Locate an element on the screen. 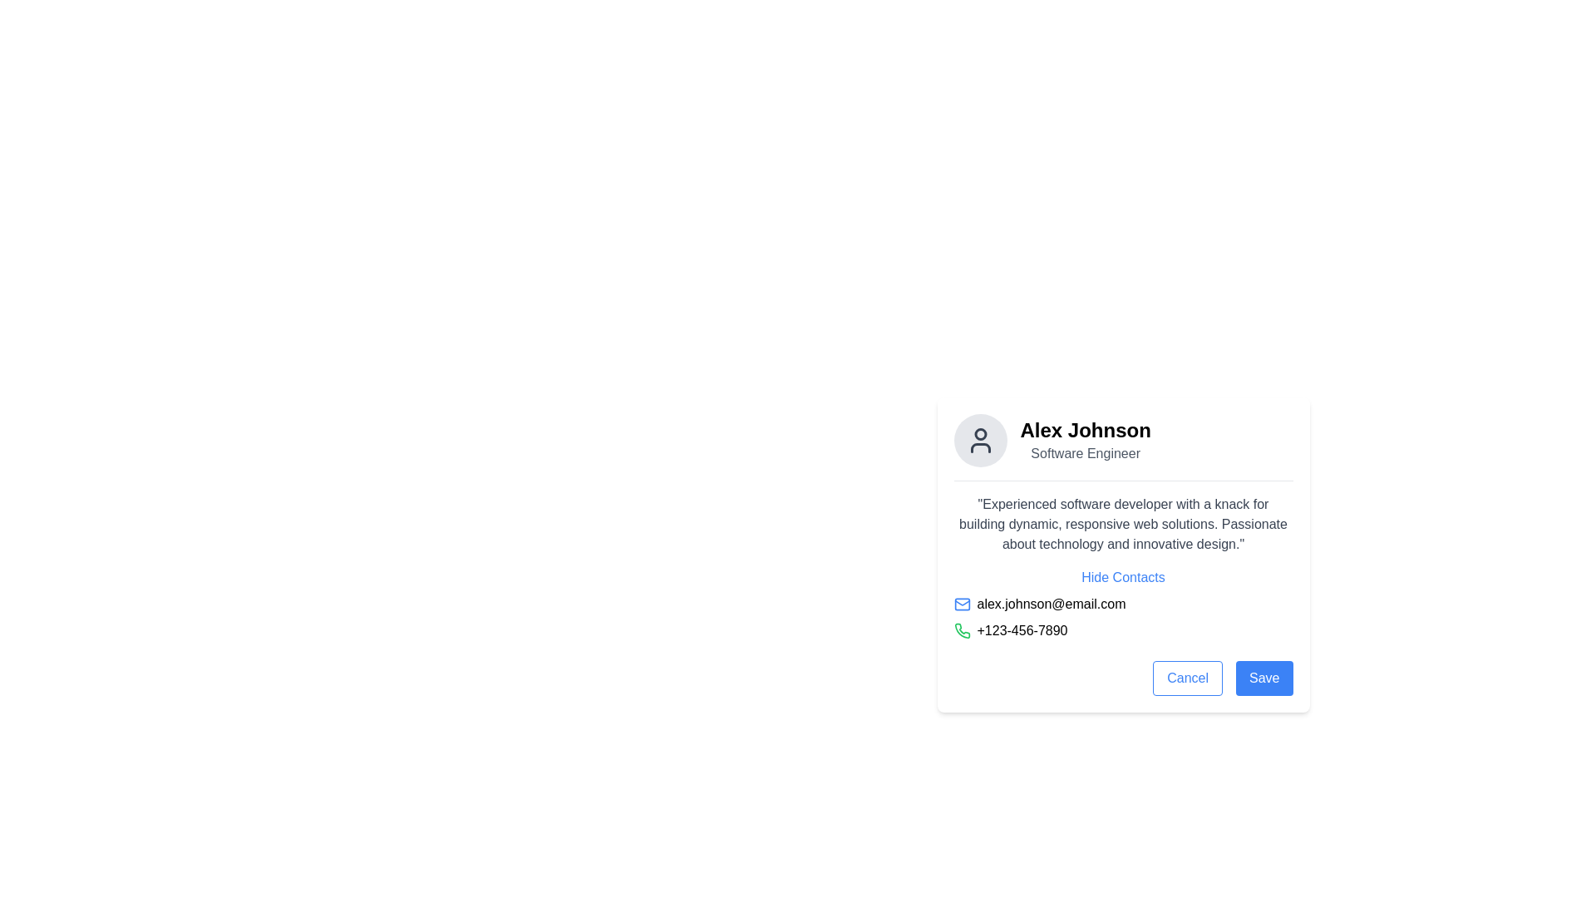 Image resolution: width=1596 pixels, height=898 pixels. the green phone receiver icon located to the left of the phone number '+123-456-7890' in the contact information section of the card layout is located at coordinates (962, 631).